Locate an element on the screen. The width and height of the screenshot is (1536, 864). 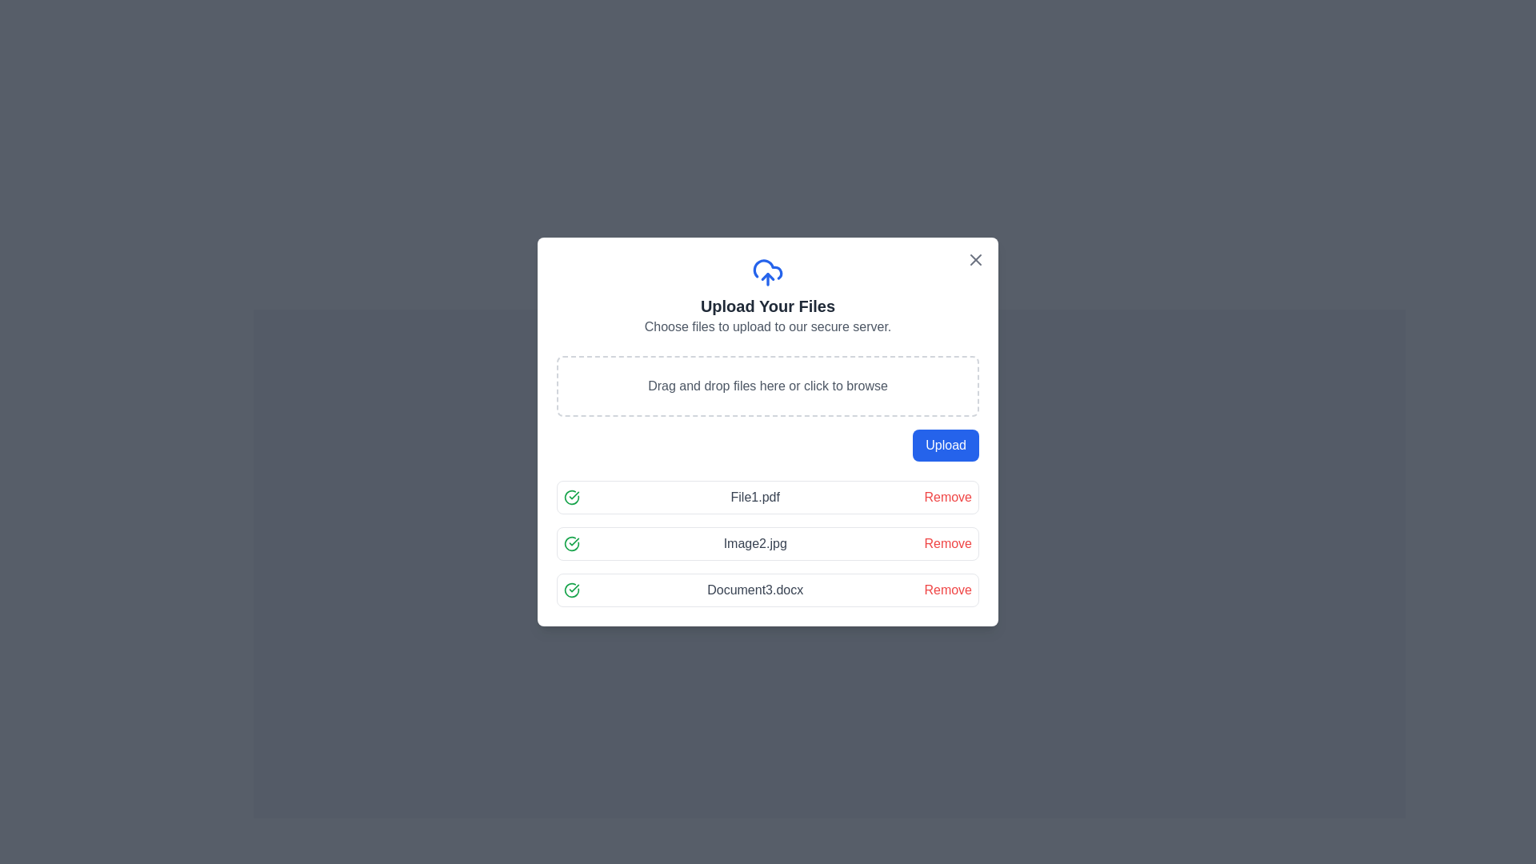
the red 'Remove' button located on the far right of the file entry row for 'File1.pdf' is located at coordinates (948, 496).